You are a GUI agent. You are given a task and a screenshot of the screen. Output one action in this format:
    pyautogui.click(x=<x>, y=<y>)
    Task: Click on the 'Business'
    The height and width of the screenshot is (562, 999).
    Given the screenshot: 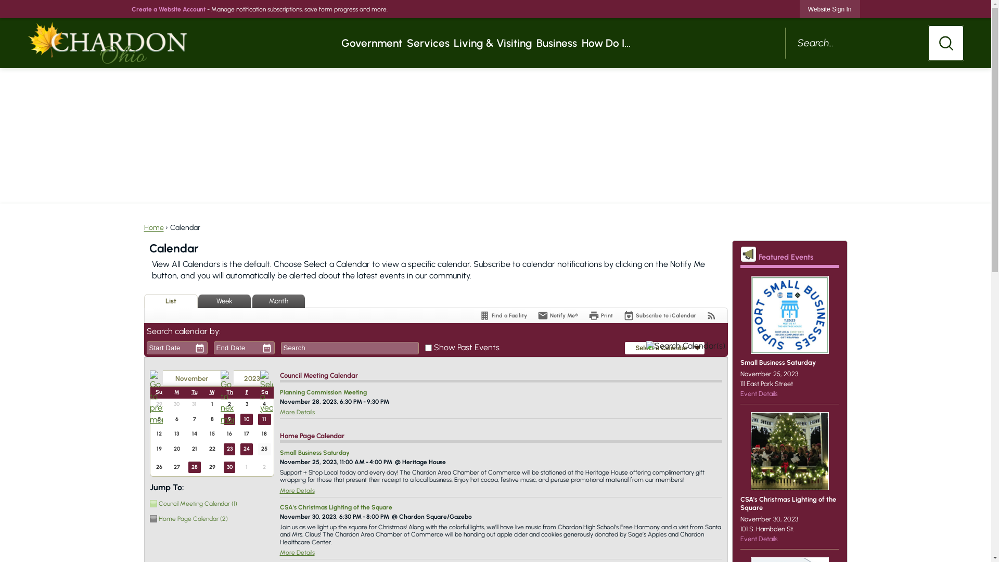 What is the action you would take?
    pyautogui.click(x=556, y=43)
    